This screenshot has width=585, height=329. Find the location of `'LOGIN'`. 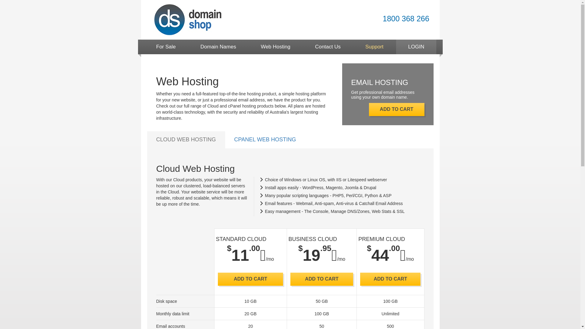

'LOGIN' is located at coordinates (416, 47).